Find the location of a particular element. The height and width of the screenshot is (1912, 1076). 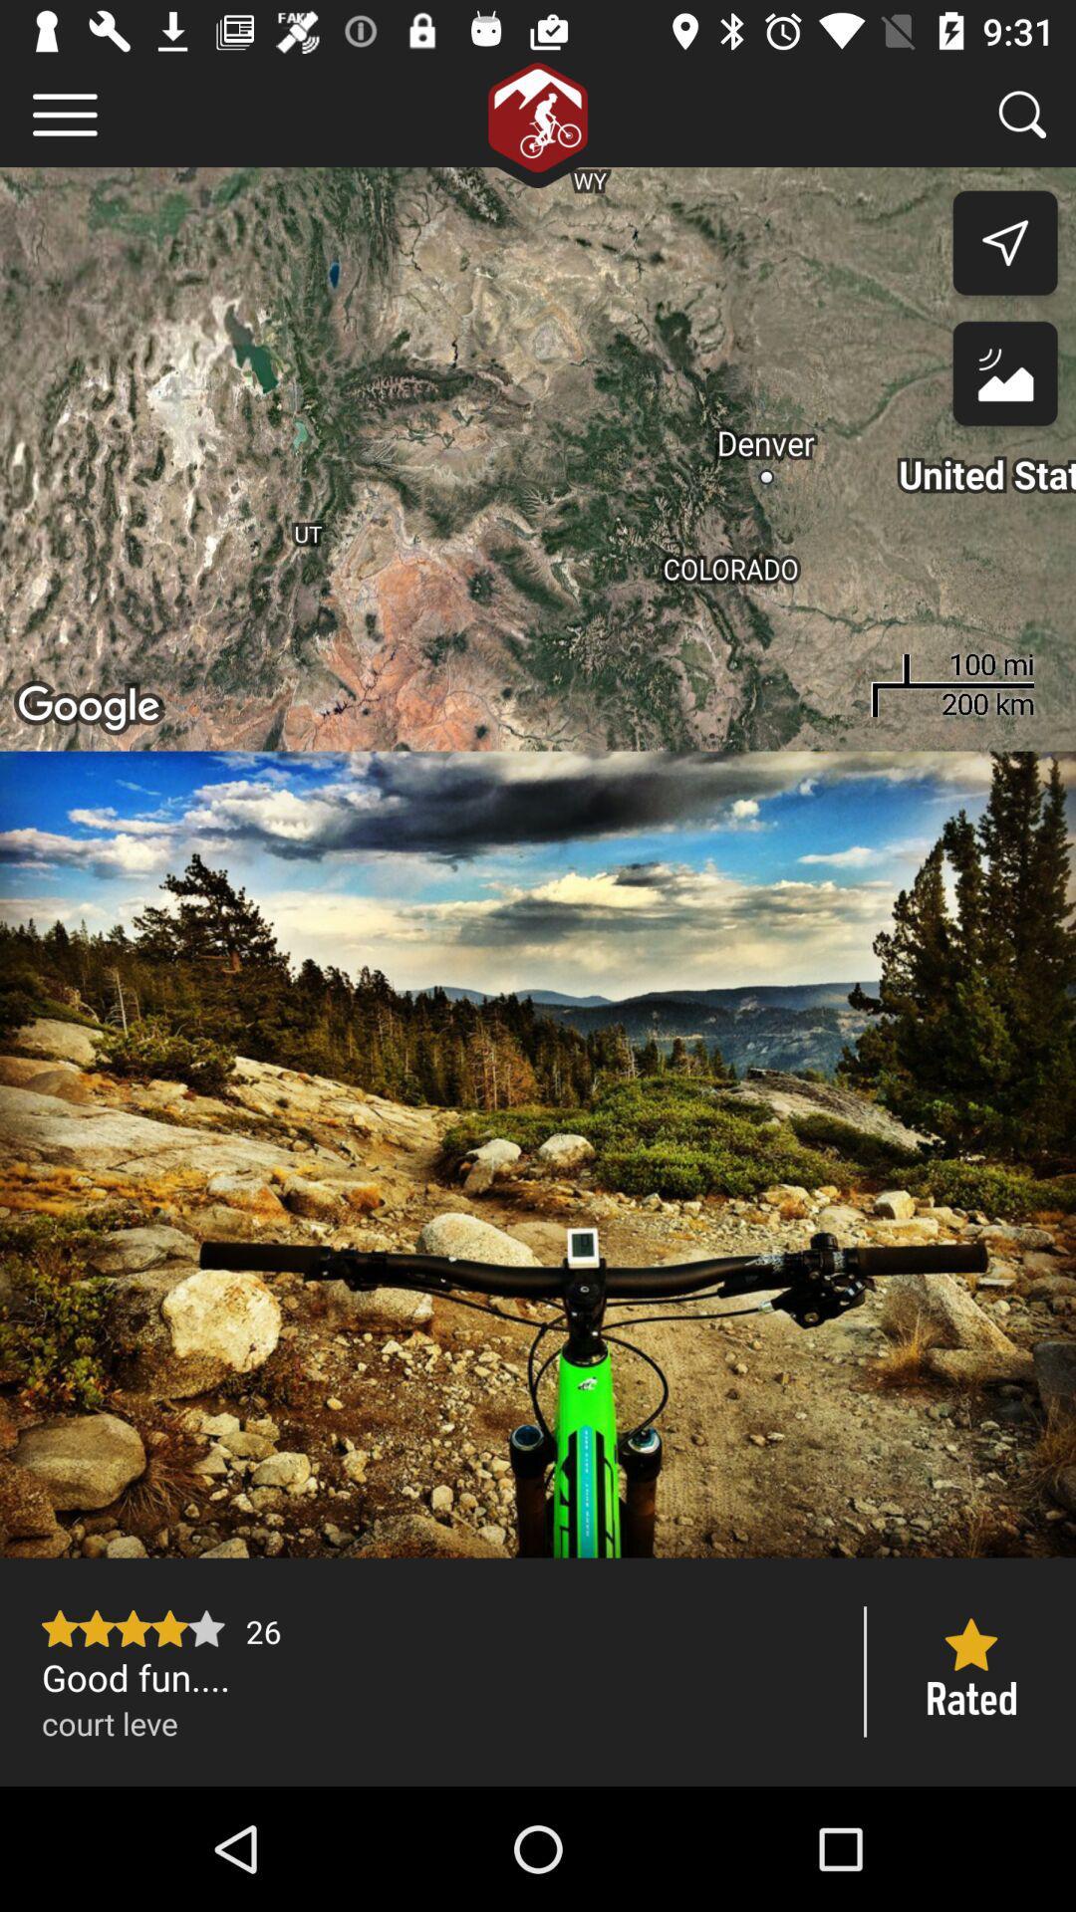

change location is located at coordinates (1005, 378).